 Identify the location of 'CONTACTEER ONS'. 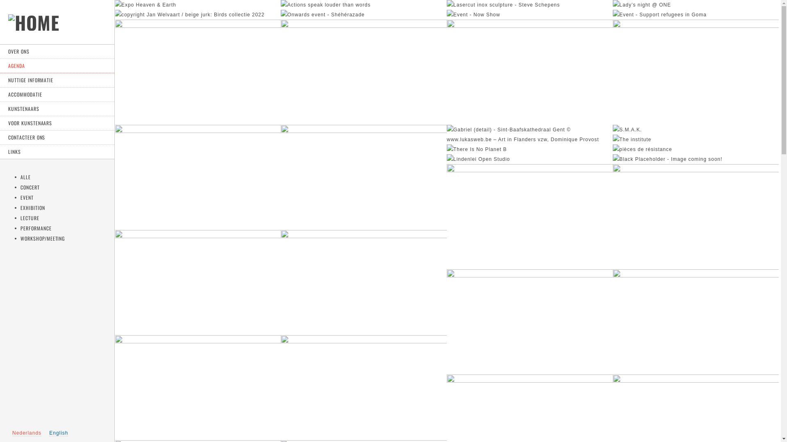
(0, 137).